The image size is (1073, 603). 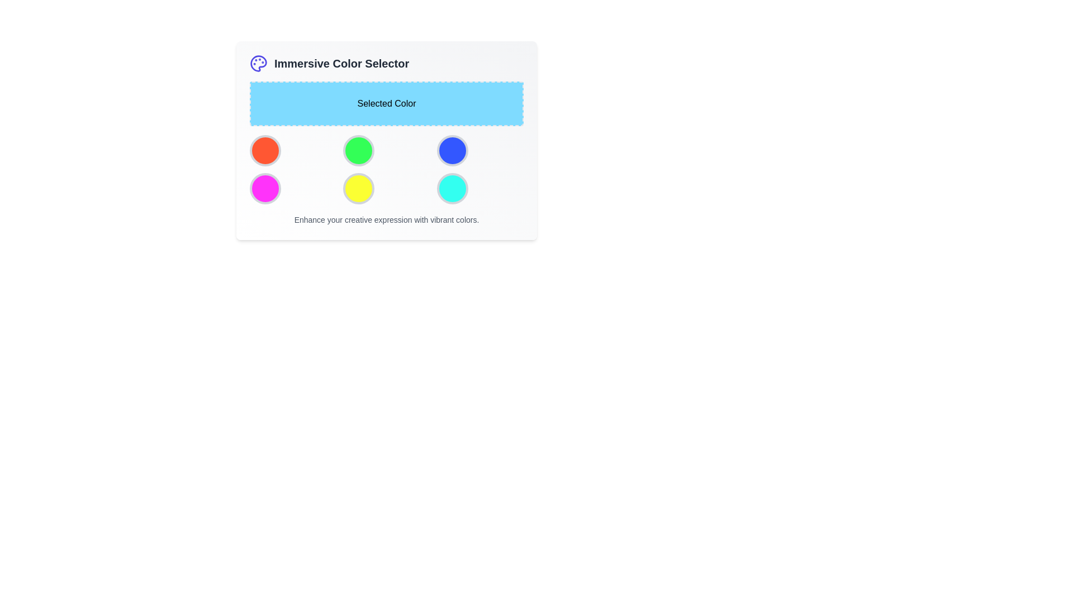 What do you see at coordinates (359, 188) in the screenshot?
I see `the yellow color selection button, which is the fifth item in a 2x3 grid layout of circular buttons` at bounding box center [359, 188].